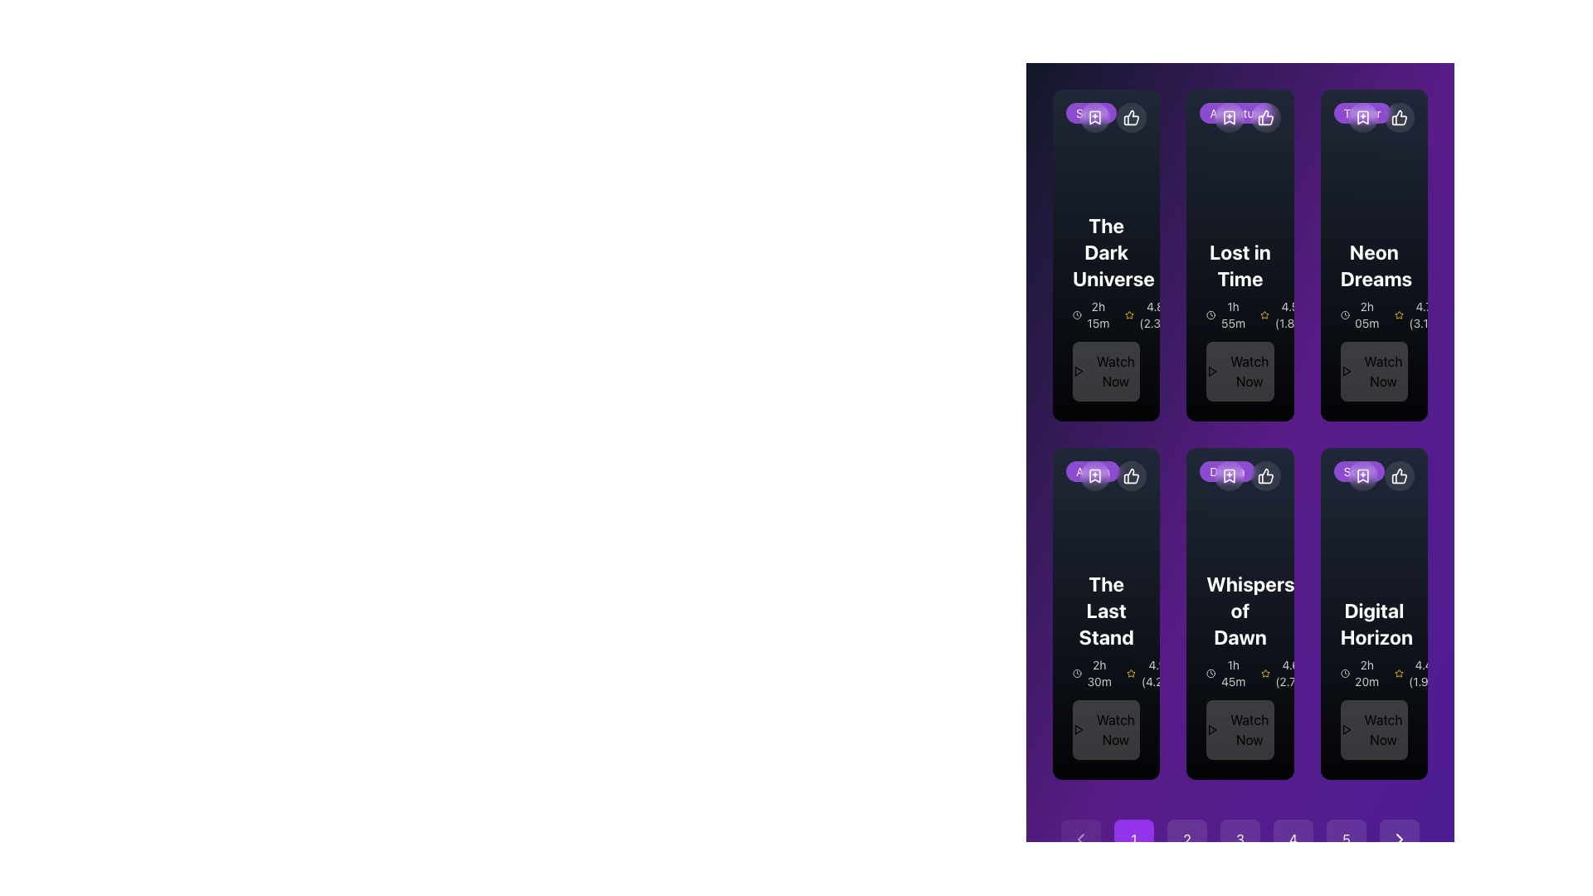 This screenshot has width=1593, height=896. I want to click on duration displayed in the Label with icon for the movie card titled 'The Last Stand,' which shows '2h 30m' with a clock icon to the left, so click(1106, 674).